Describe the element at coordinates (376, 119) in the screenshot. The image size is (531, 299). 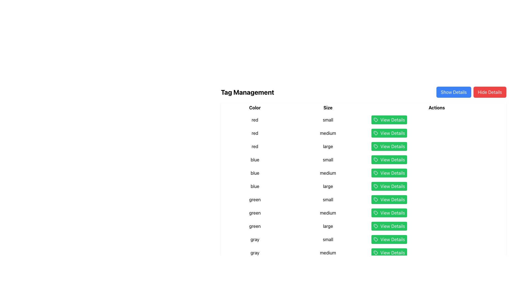
I see `the decorative icon in the Actions column of the first row in the data table, which is adjacent to the green 'View Details' button and represents the 'small' size and 'red' color` at that location.